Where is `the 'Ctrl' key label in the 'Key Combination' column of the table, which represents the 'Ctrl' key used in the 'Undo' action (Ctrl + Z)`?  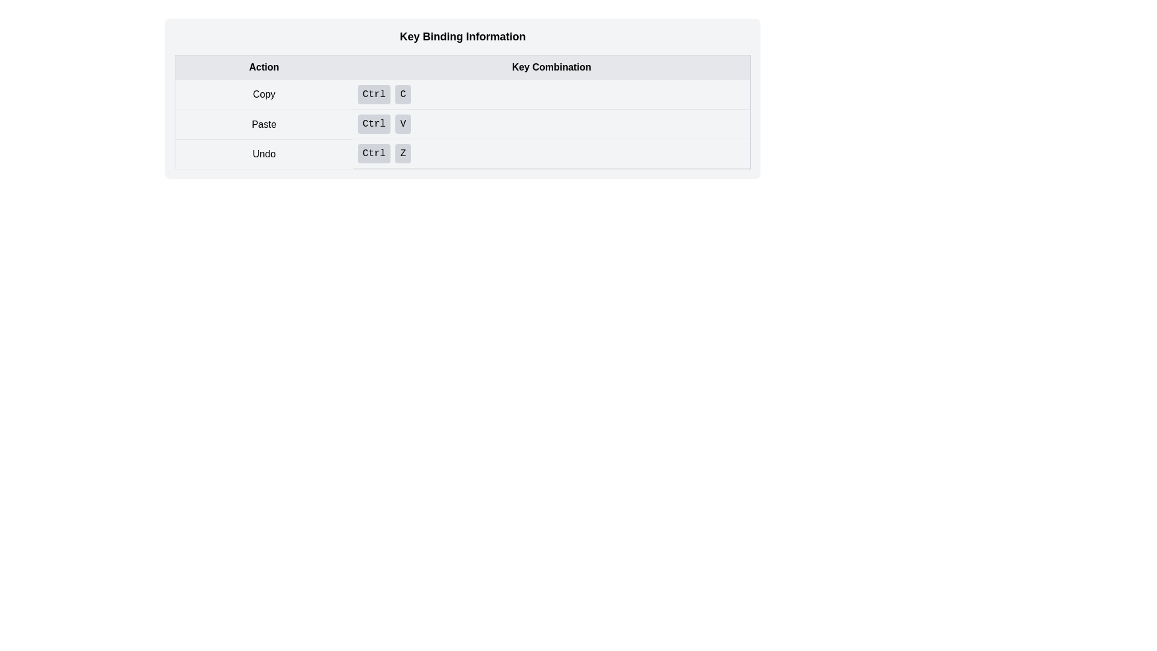 the 'Ctrl' key label in the 'Key Combination' column of the table, which represents the 'Ctrl' key used in the 'Undo' action (Ctrl + Z) is located at coordinates (373, 153).